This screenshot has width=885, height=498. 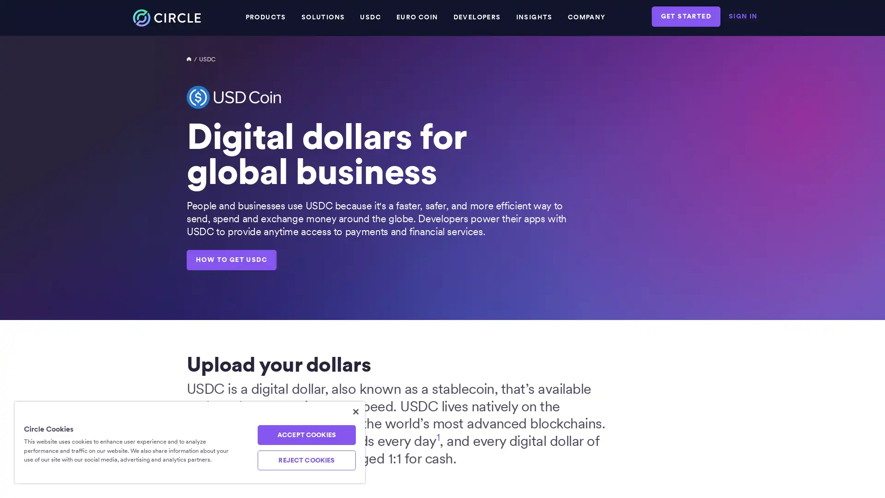 I want to click on REJECT COOKIES, so click(x=306, y=460).